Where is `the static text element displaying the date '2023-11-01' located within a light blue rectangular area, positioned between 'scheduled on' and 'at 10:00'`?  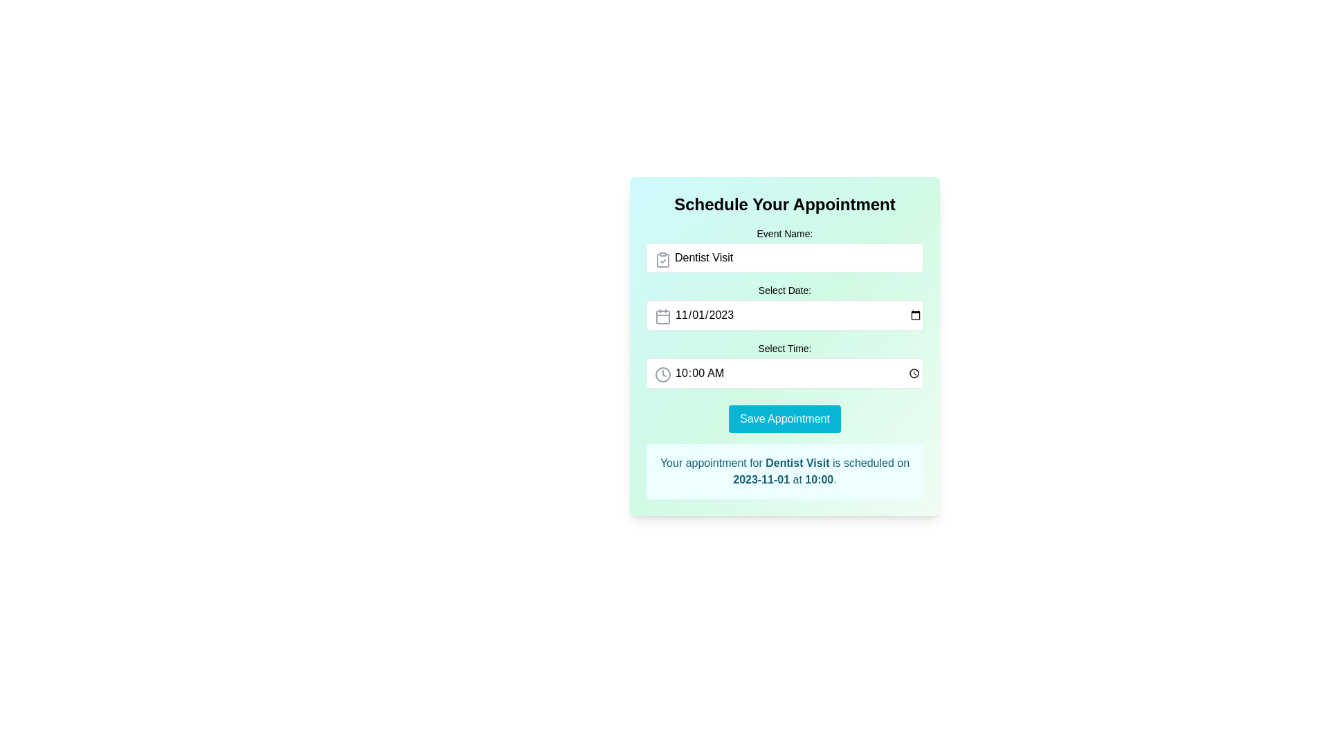
the static text element displaying the date '2023-11-01' located within a light blue rectangular area, positioned between 'scheduled on' and 'at 10:00' is located at coordinates (761, 479).